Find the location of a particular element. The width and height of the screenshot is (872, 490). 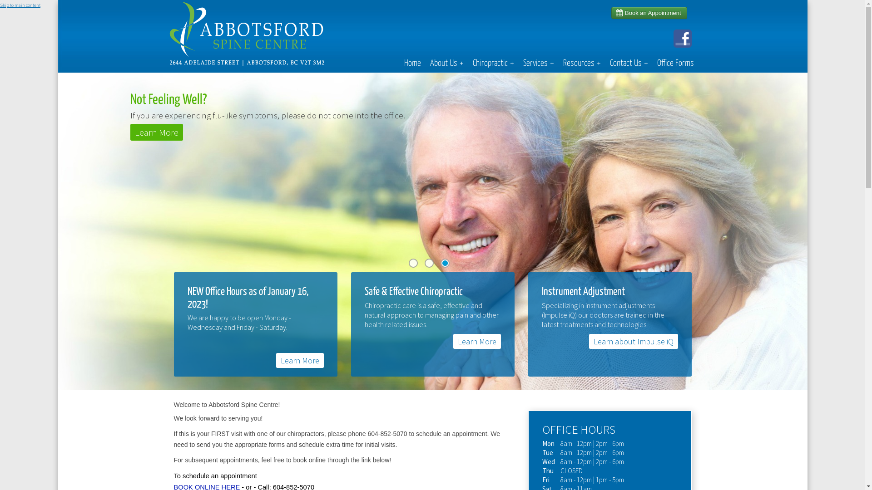

'Office Forms' is located at coordinates (675, 63).